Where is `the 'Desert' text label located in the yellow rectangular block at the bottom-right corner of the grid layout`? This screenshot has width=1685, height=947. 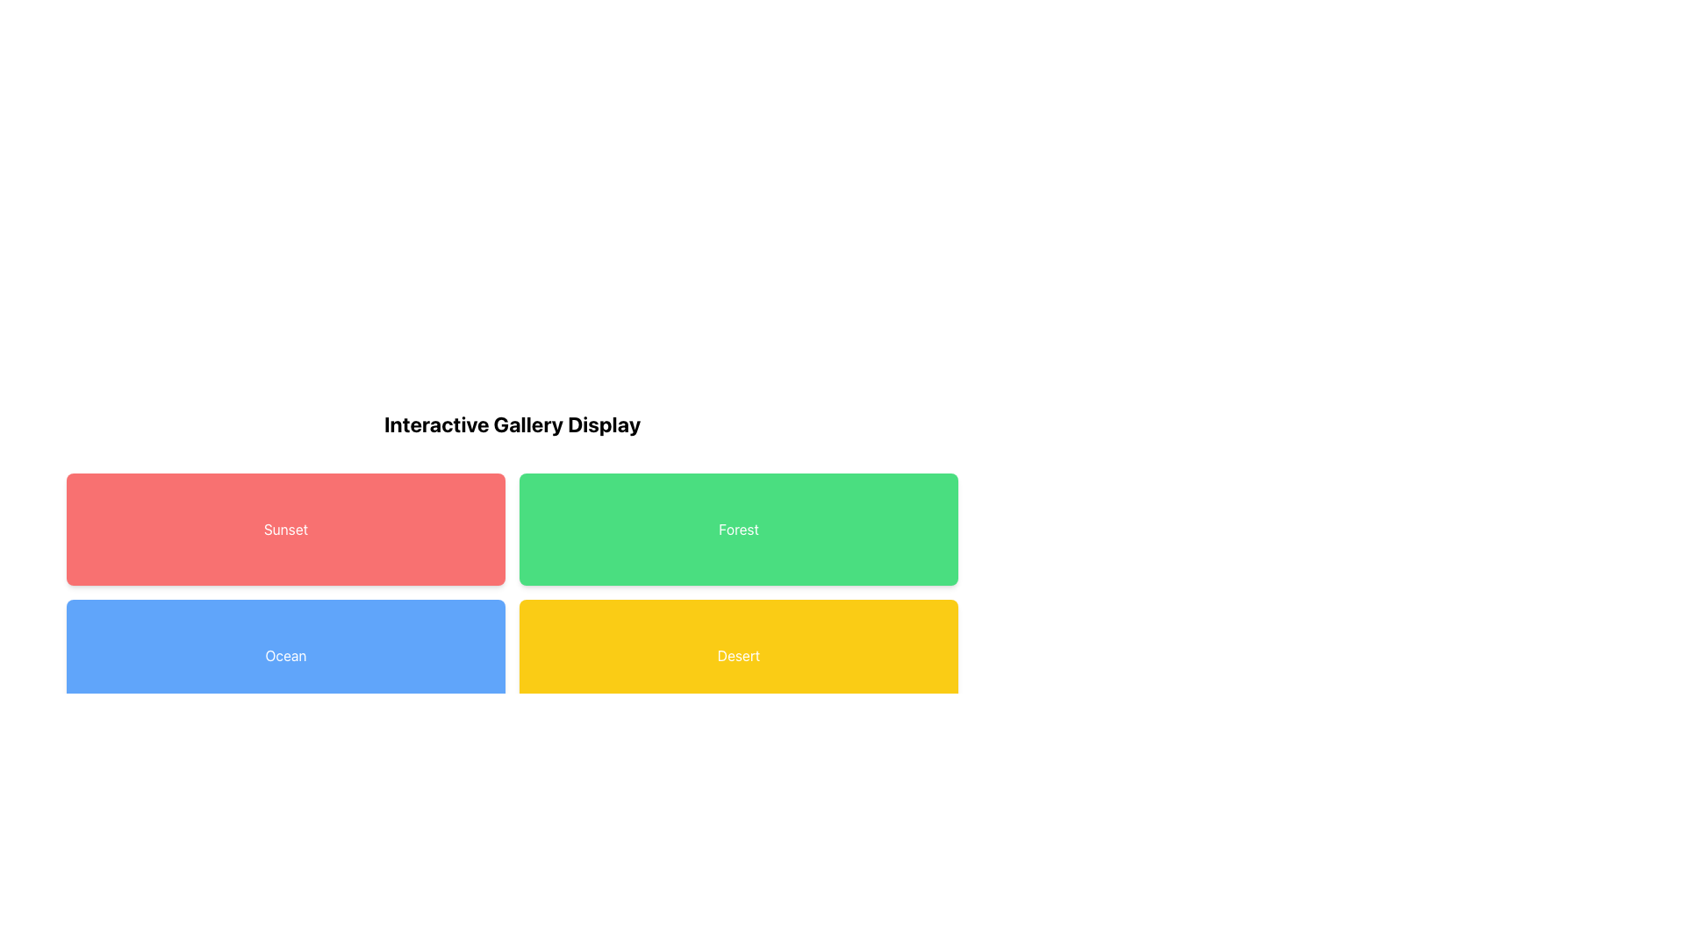 the 'Desert' text label located in the yellow rectangular block at the bottom-right corner of the grid layout is located at coordinates (738, 656).